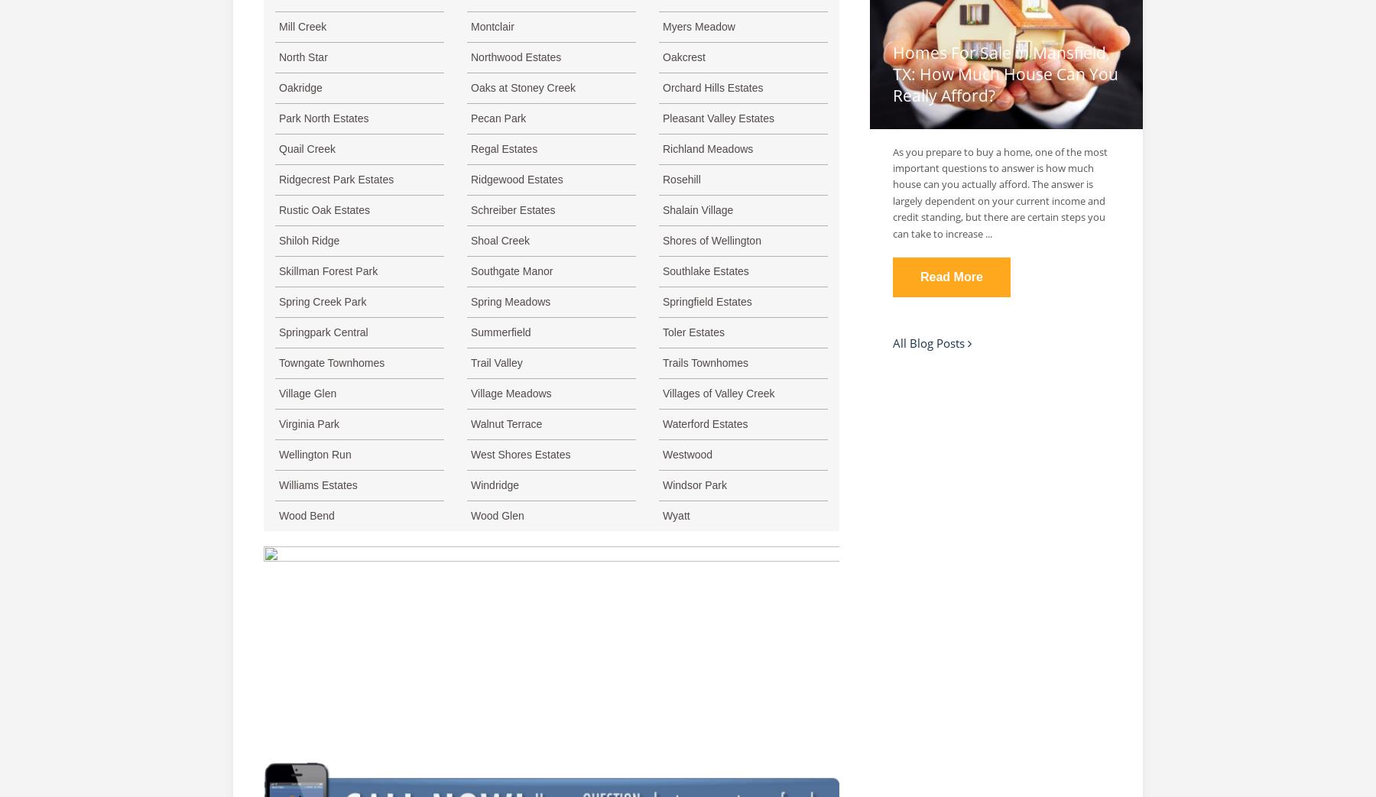 The image size is (1376, 797). Describe the element at coordinates (324, 210) in the screenshot. I see `'Rustic Oak Estates'` at that location.